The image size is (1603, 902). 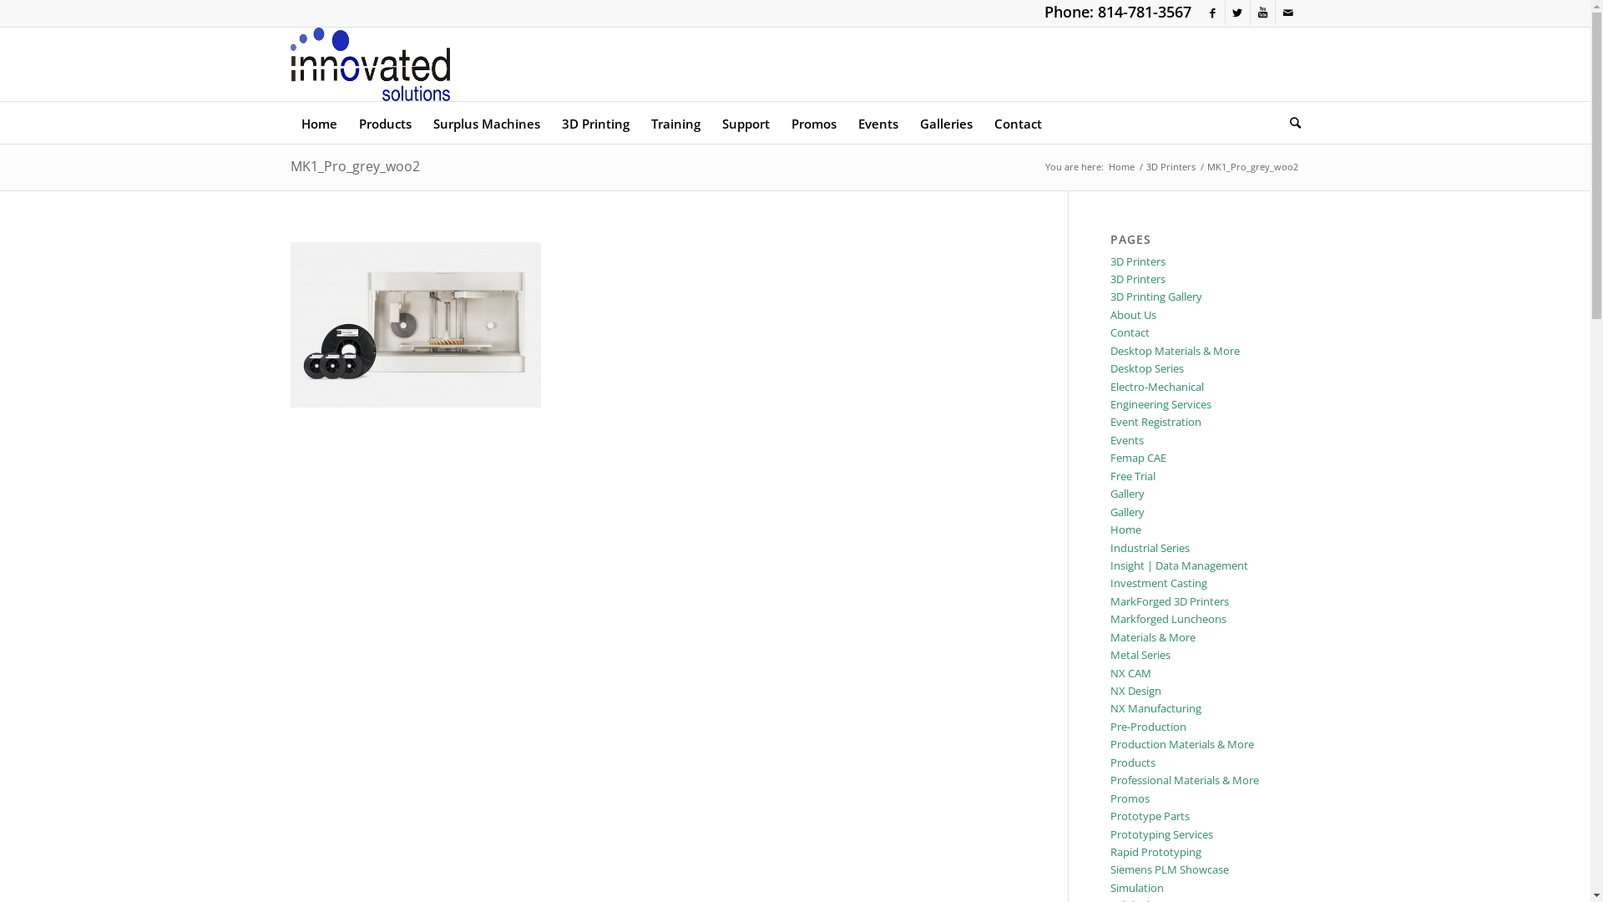 I want to click on 'NX Design', so click(x=1135, y=690).